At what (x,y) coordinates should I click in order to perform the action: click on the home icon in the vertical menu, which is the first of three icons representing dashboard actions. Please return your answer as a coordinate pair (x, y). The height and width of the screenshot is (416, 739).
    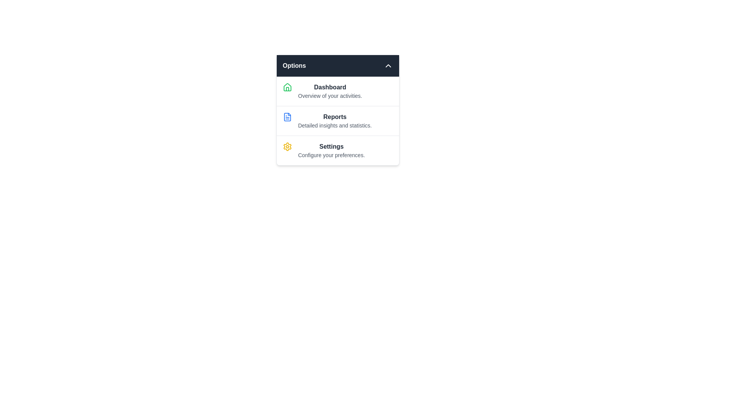
    Looking at the image, I should click on (287, 87).